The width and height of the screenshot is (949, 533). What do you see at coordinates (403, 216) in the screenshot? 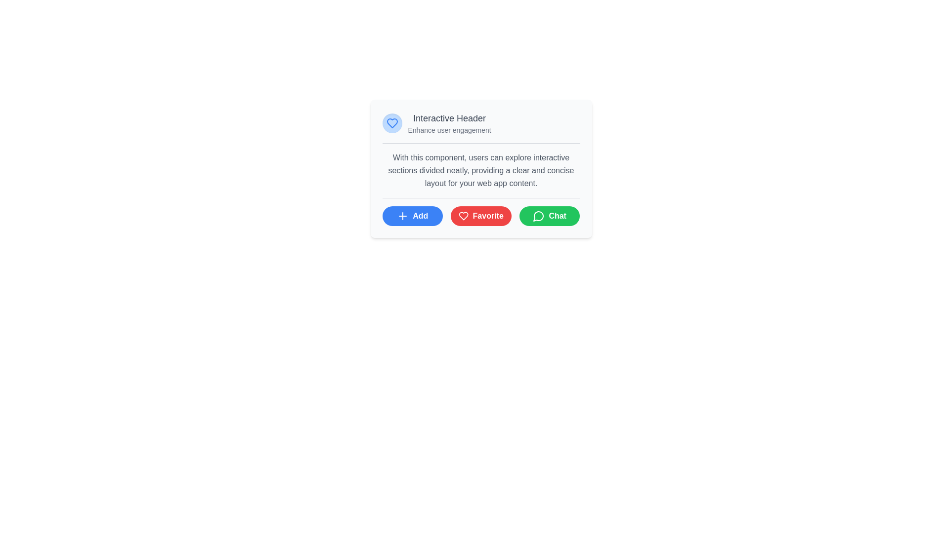
I see `the decorative icon located inside the blue 'Add' button, positioned to the left of the text 'Add' in the interface` at bounding box center [403, 216].